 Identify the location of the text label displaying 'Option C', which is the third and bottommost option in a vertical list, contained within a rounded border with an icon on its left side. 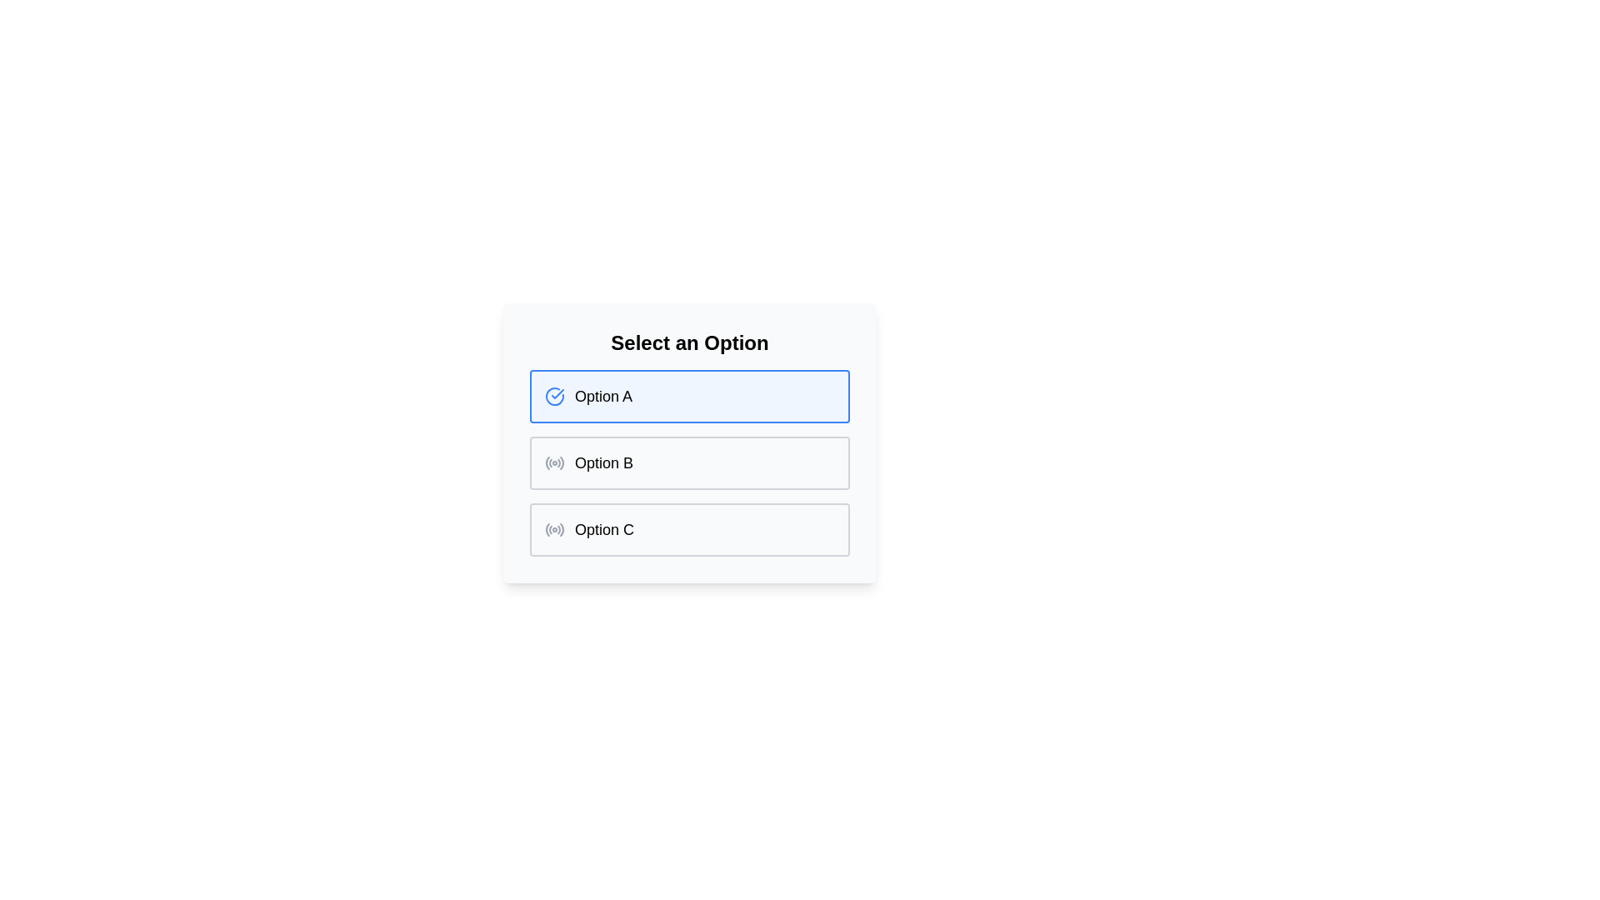
(603, 530).